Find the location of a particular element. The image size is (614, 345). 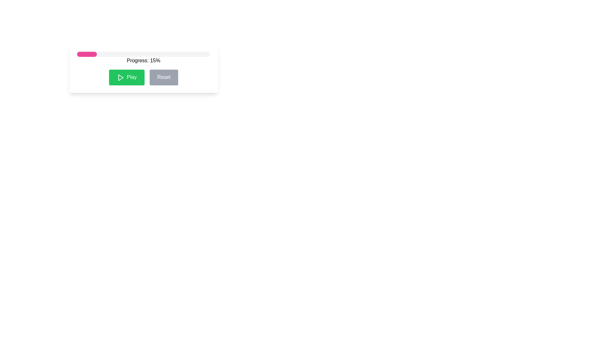

the play button, which is an SVG icon within a green button labeled 'Play', to initiate the play function is located at coordinates (120, 77).